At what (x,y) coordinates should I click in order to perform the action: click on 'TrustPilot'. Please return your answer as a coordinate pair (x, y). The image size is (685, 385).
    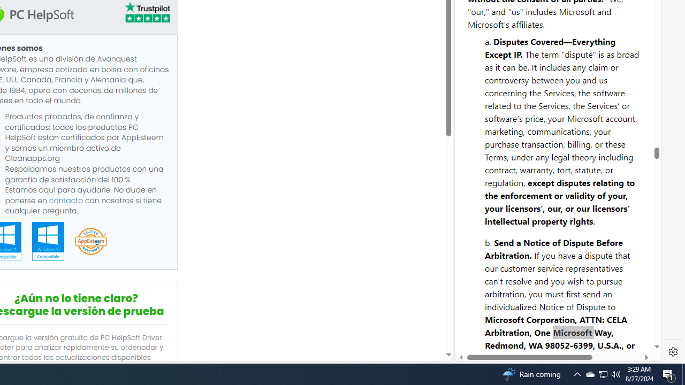
    Looking at the image, I should click on (146, 12).